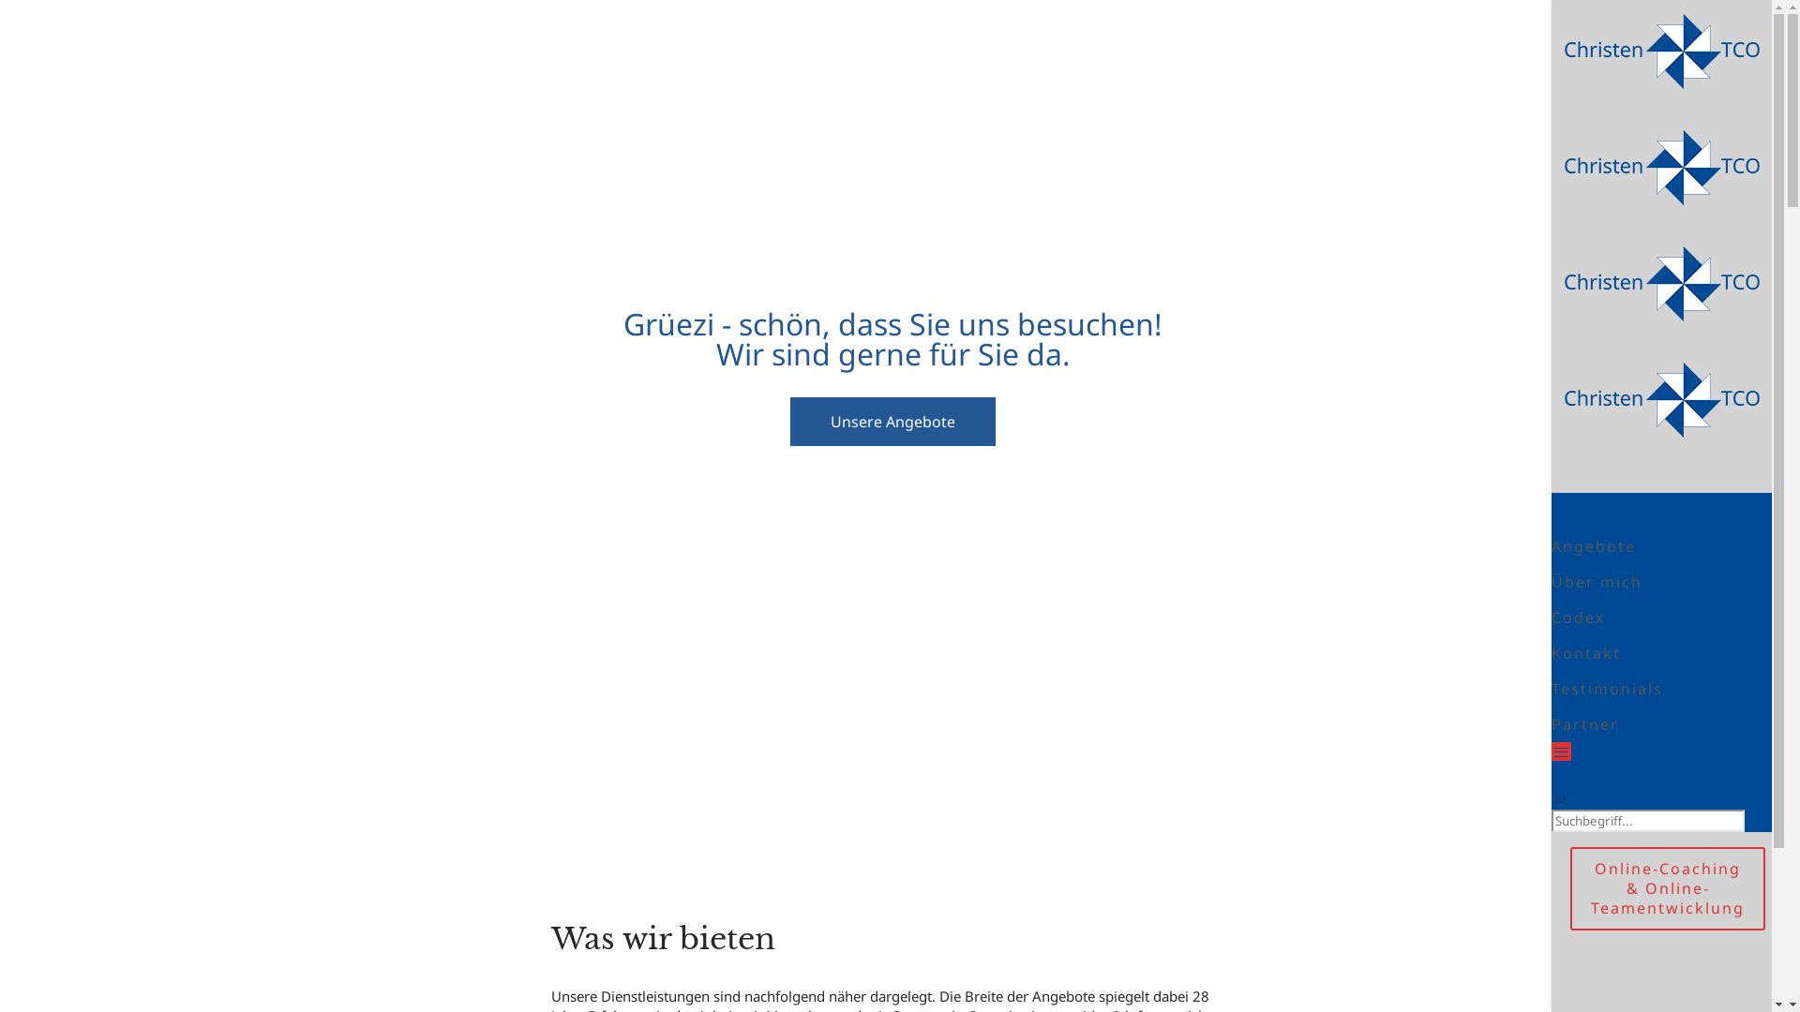 The width and height of the screenshot is (1800, 1012). What do you see at coordinates (1606, 689) in the screenshot?
I see `'Testimonials'` at bounding box center [1606, 689].